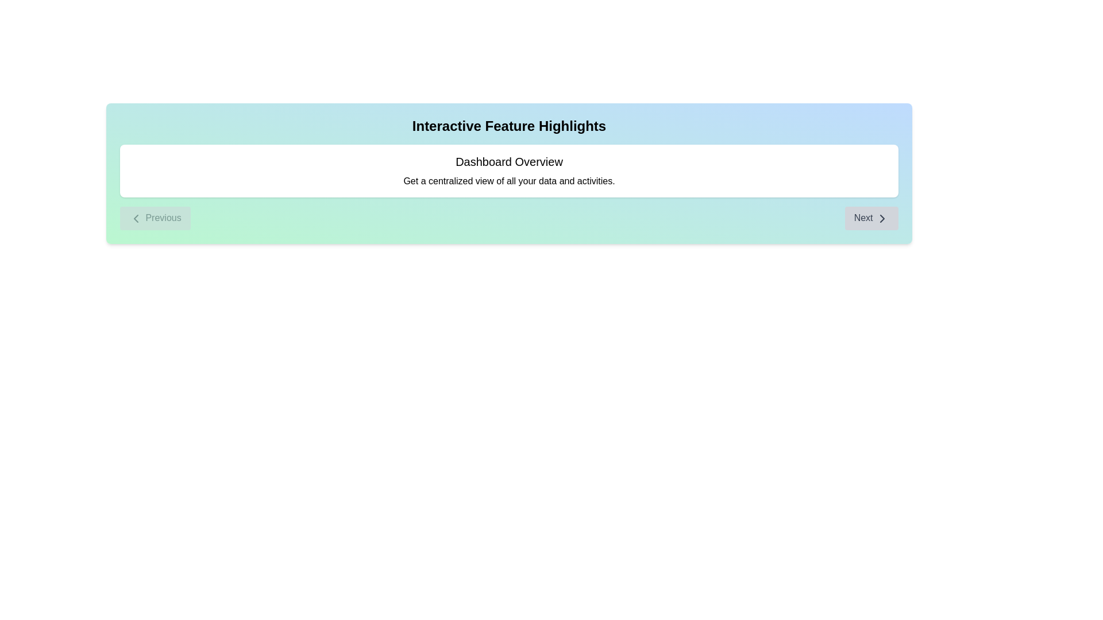 The height and width of the screenshot is (620, 1103). Describe the element at coordinates (882, 218) in the screenshot. I see `the rightward-pointing chevron icon that serves as a secondary indicator for the 'Next' button, located in the rightmost region of the button area` at that location.